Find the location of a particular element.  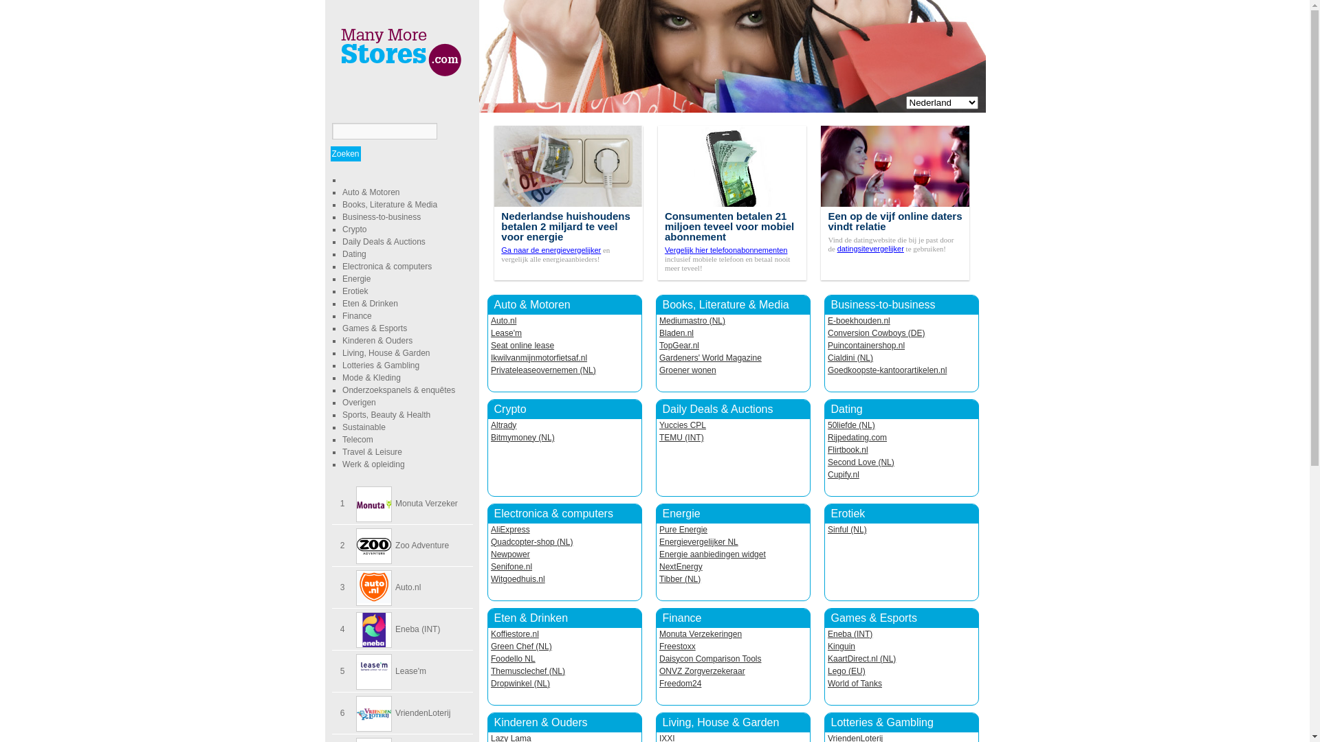

'Erotiek' is located at coordinates (355, 291).